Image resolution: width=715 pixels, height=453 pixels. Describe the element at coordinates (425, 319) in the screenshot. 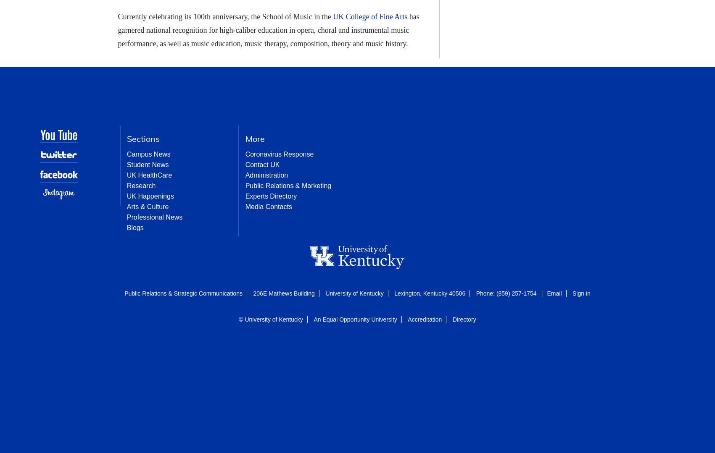

I see `'Accreditation'` at that location.